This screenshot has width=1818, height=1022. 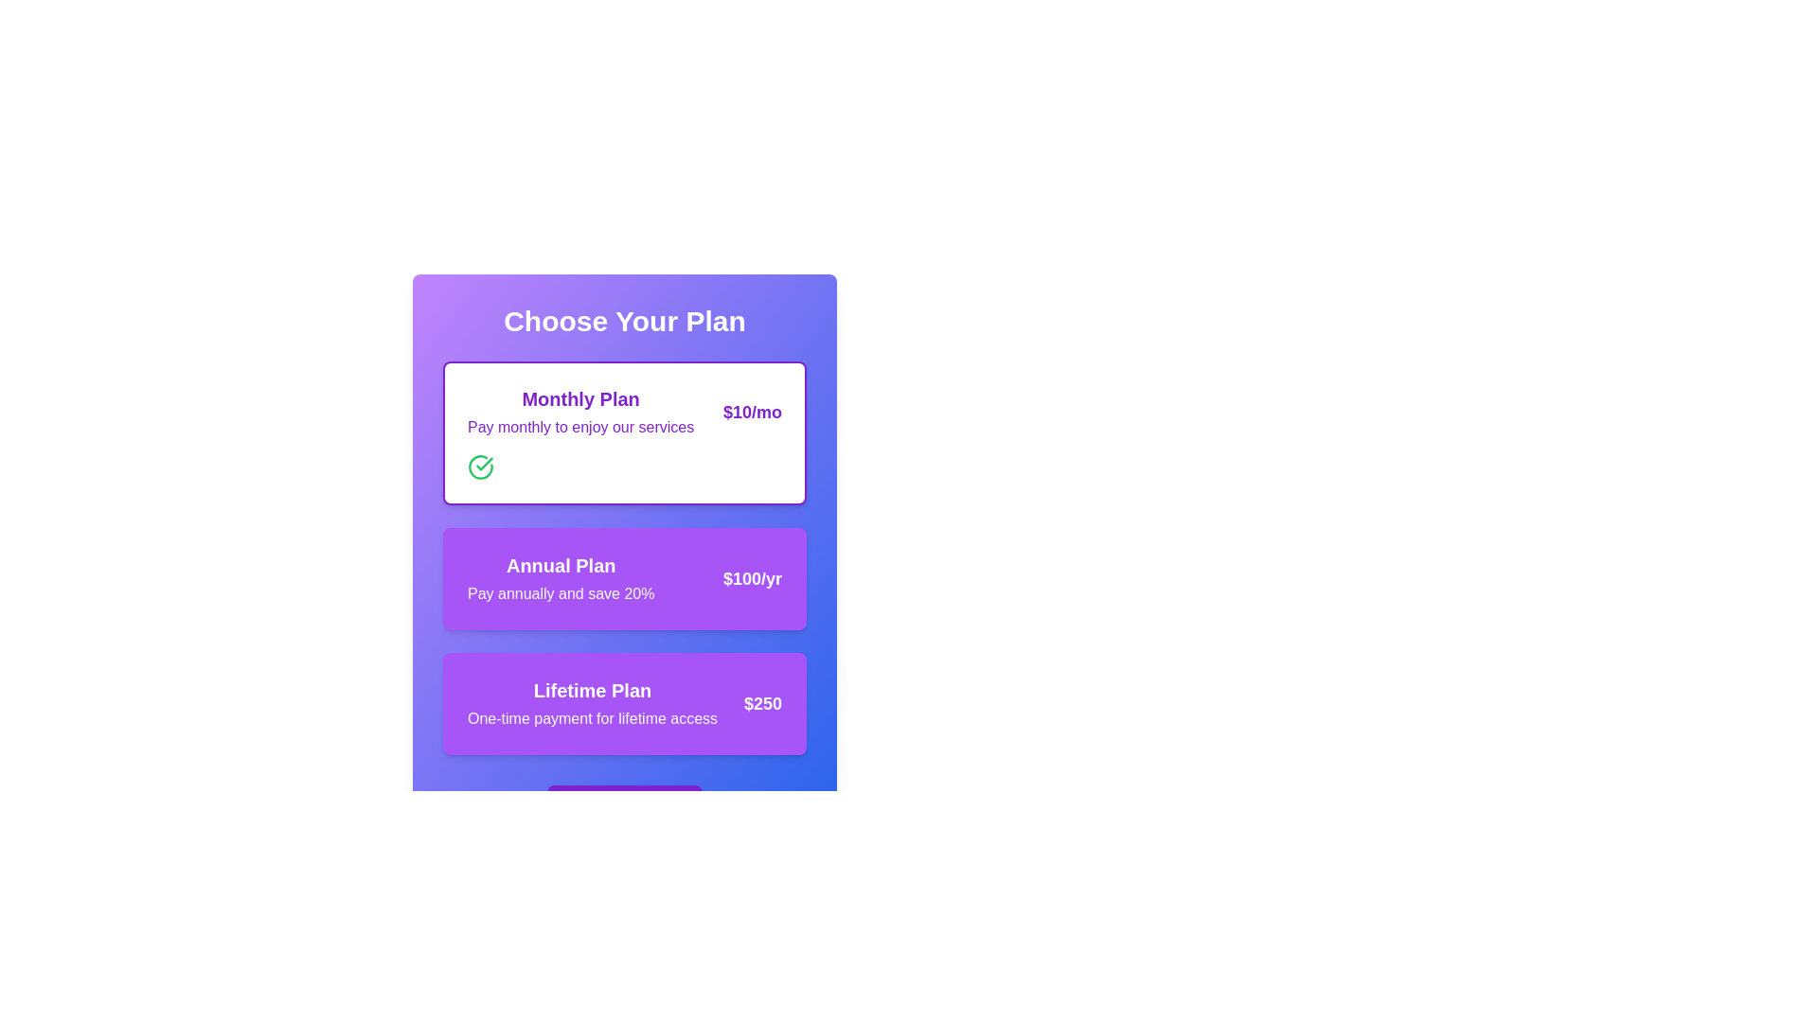 What do you see at coordinates (625, 320) in the screenshot?
I see `text content of the centered heading that says 'Choose Your Plan', which is styled in bold, large white font on a gradient purple-to-blue background` at bounding box center [625, 320].